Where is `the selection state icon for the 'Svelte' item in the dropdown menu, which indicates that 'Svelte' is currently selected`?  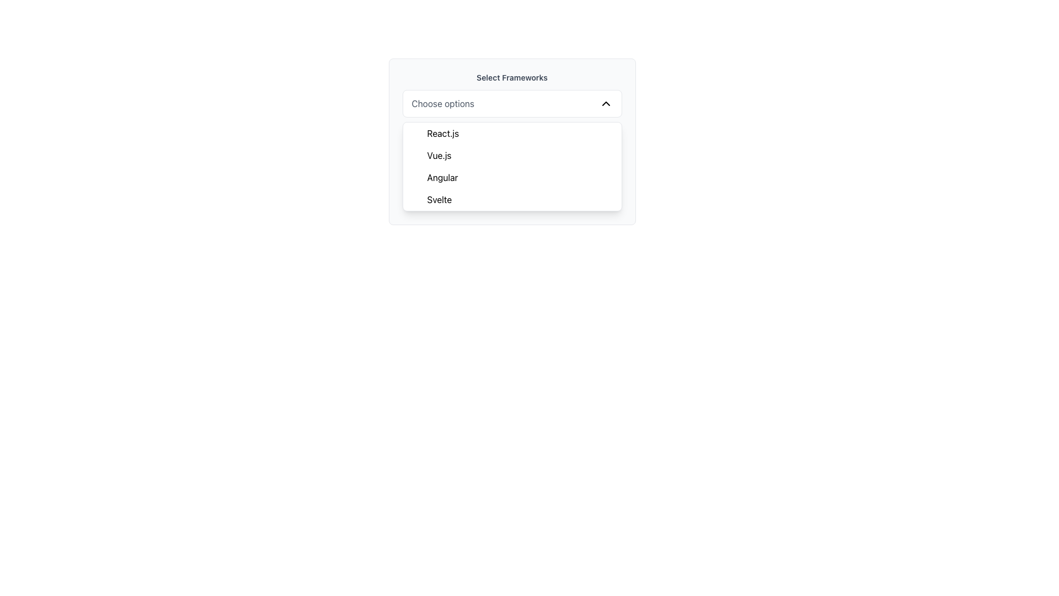 the selection state icon for the 'Svelte' item in the dropdown menu, which indicates that 'Svelte' is currently selected is located at coordinates (416, 199).